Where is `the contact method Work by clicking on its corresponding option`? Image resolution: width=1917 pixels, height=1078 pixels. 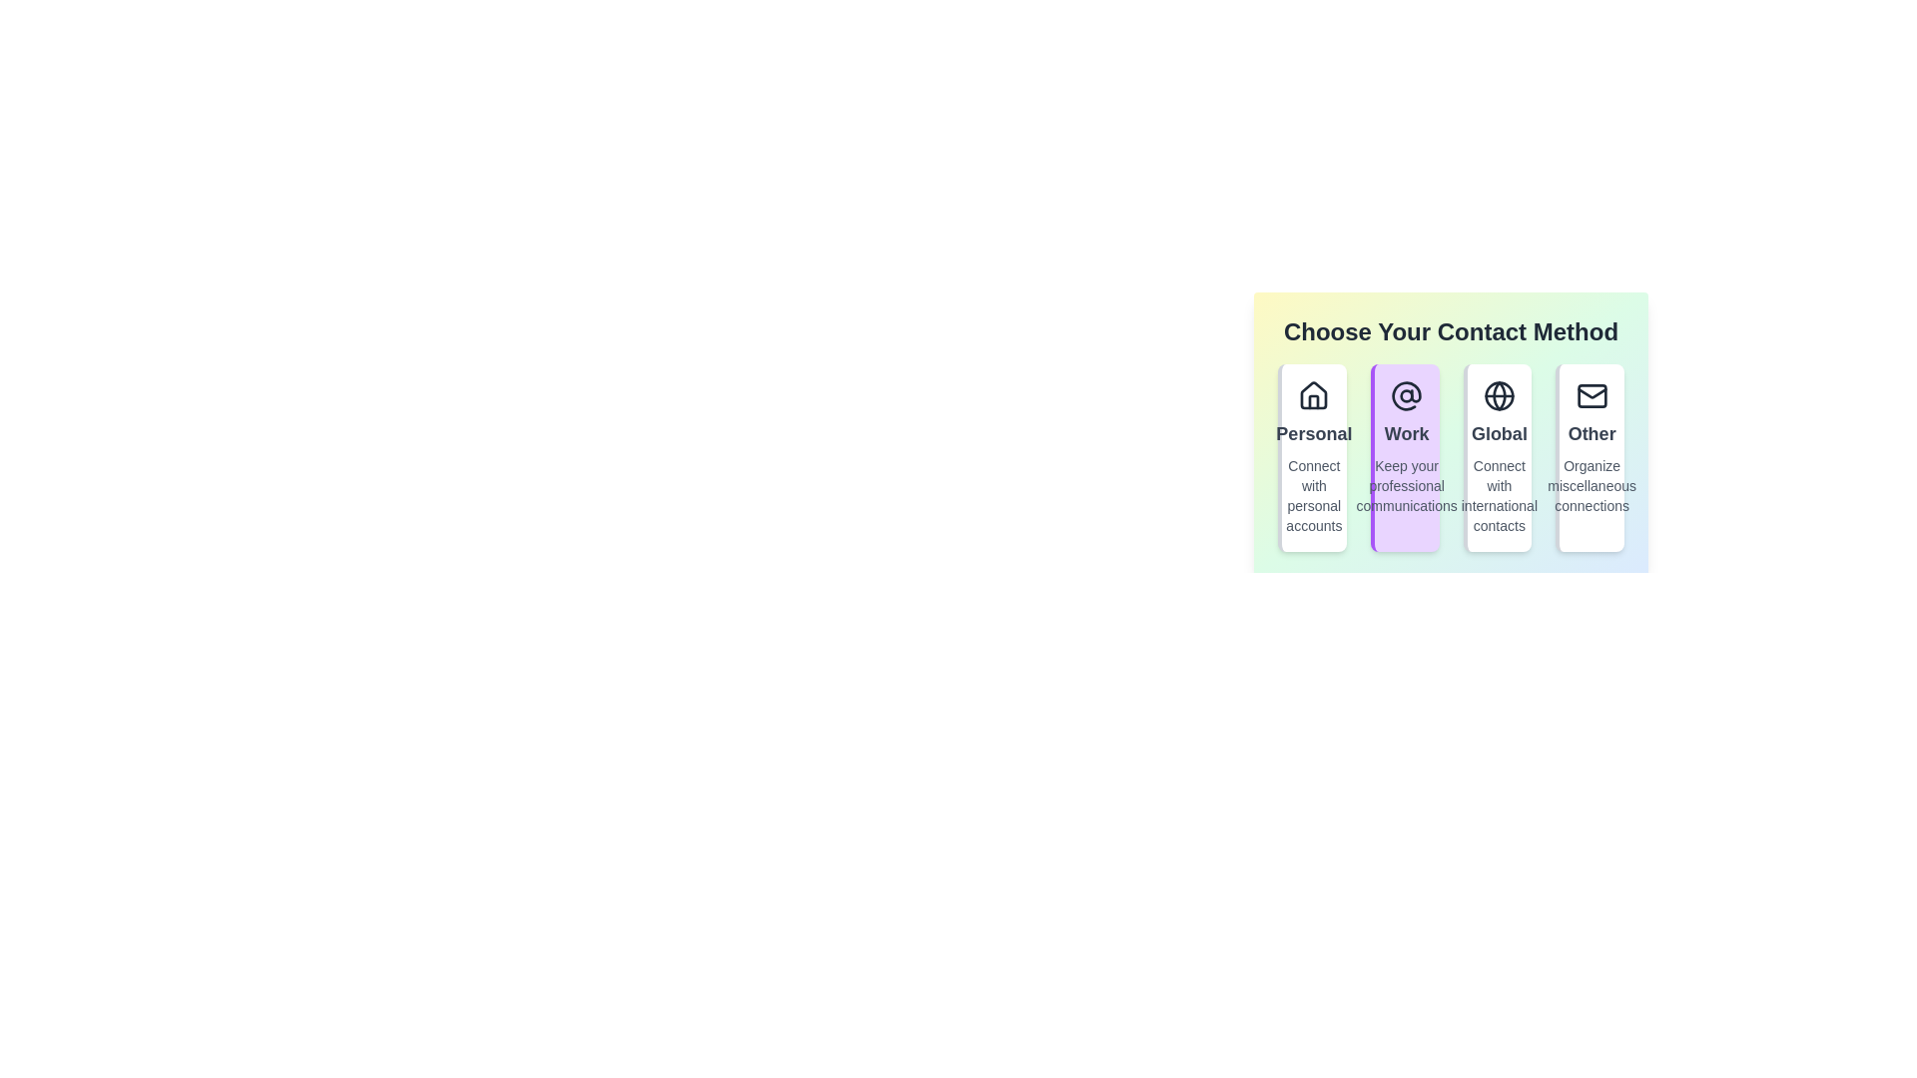
the contact method Work by clicking on its corresponding option is located at coordinates (1404, 458).